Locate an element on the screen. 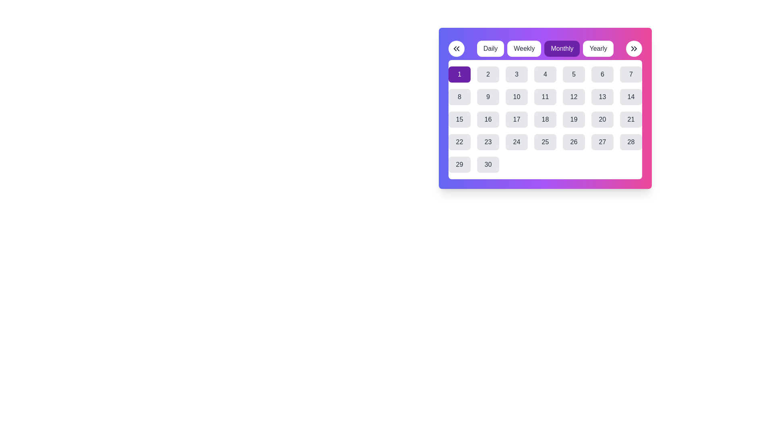 This screenshot has width=773, height=435. the purple rounded rectangle button with the number '1' centered in white text is located at coordinates (459, 75).